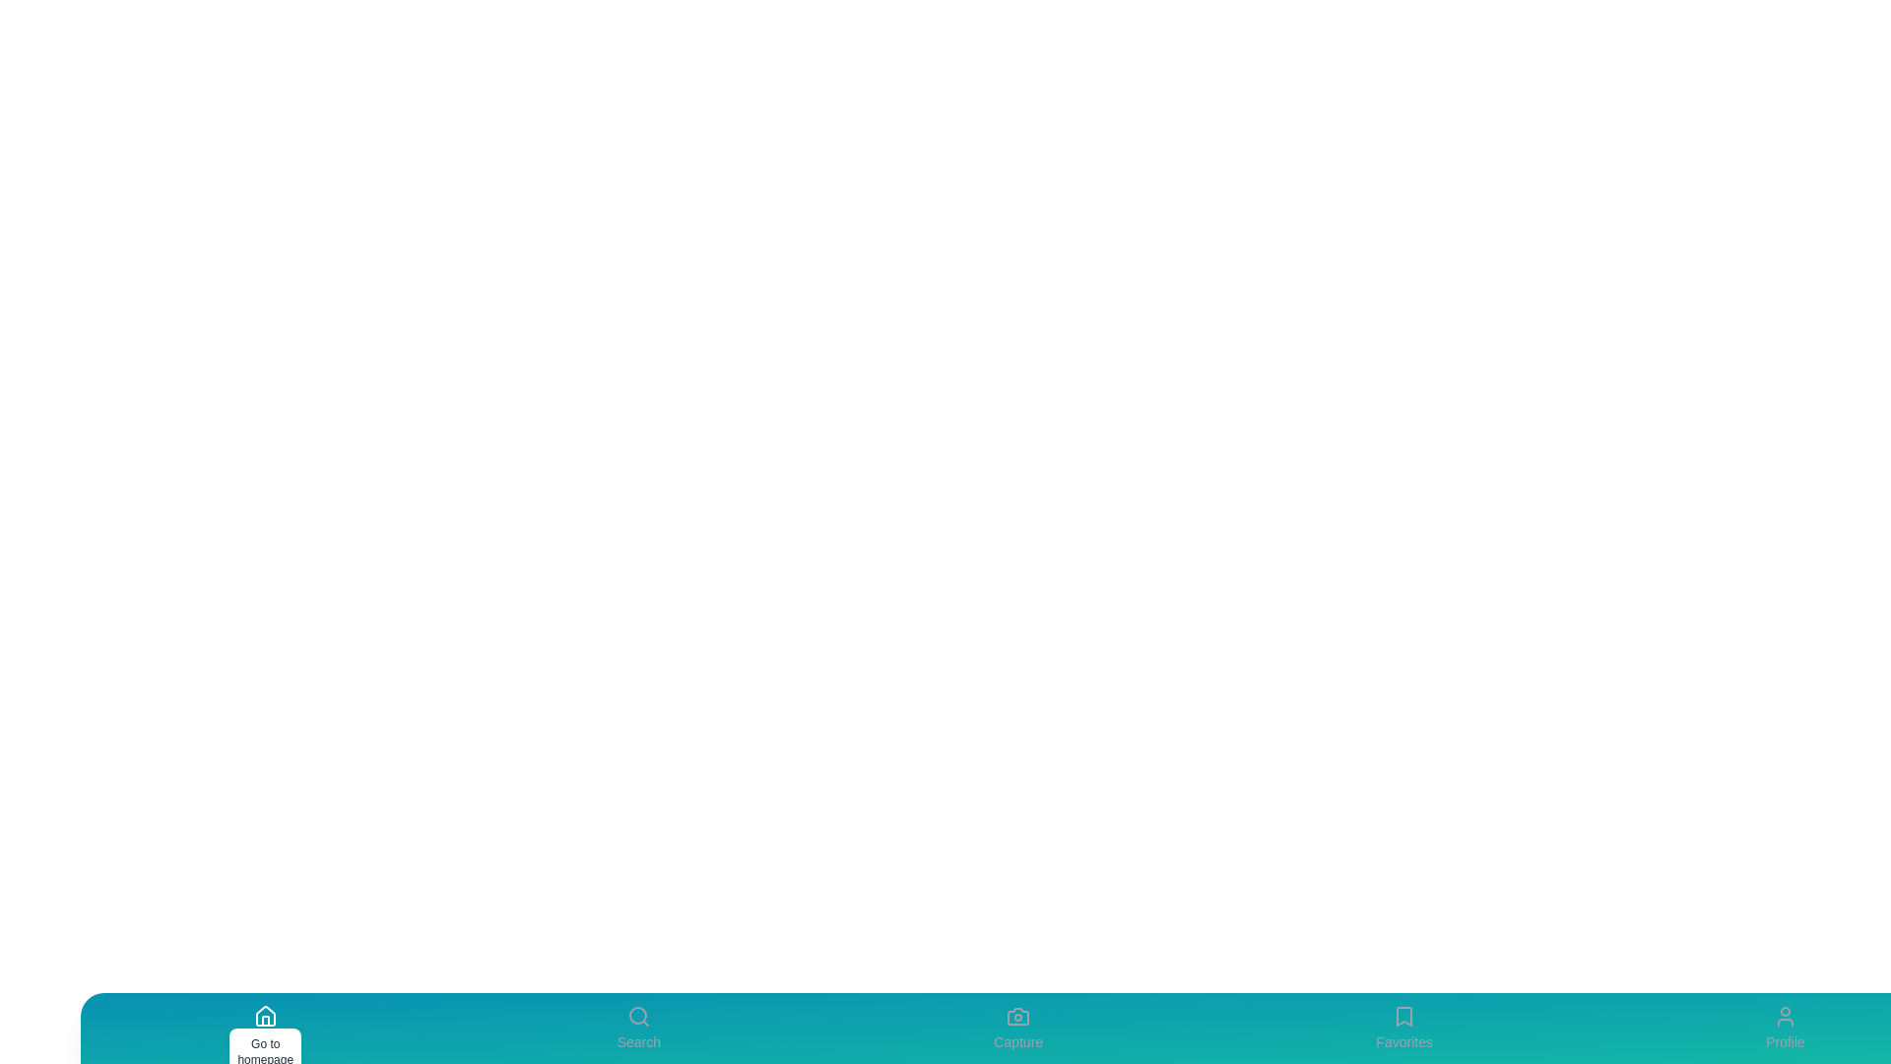 Image resolution: width=1891 pixels, height=1064 pixels. I want to click on the Capture icon to perform its associated action, so click(1018, 1028).